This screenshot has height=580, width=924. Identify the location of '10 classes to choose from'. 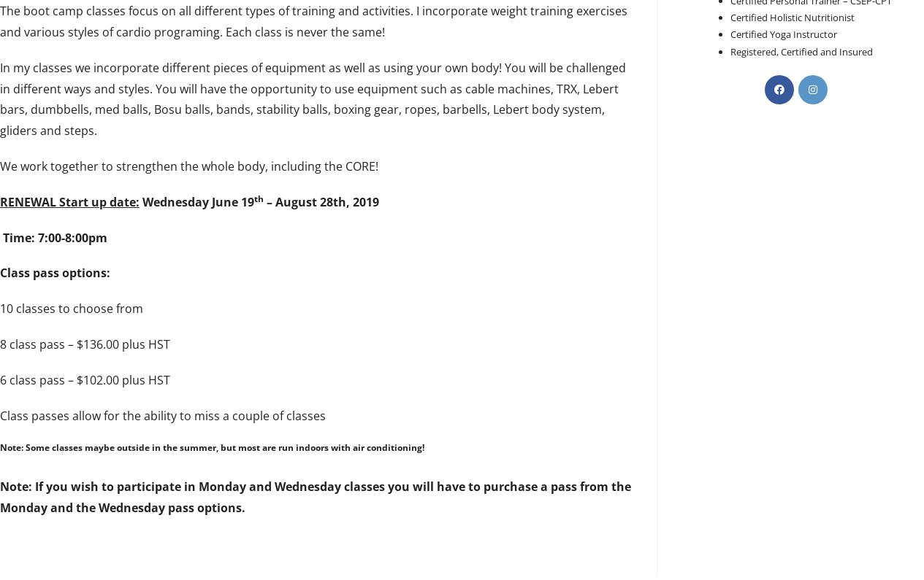
(71, 309).